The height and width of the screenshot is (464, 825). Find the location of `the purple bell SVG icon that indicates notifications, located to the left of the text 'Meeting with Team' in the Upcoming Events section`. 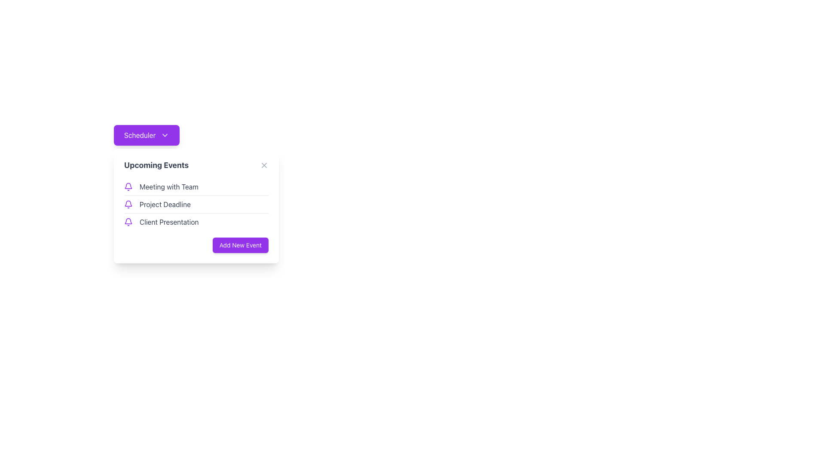

the purple bell SVG icon that indicates notifications, located to the left of the text 'Meeting with Team' in the Upcoming Events section is located at coordinates (128, 186).